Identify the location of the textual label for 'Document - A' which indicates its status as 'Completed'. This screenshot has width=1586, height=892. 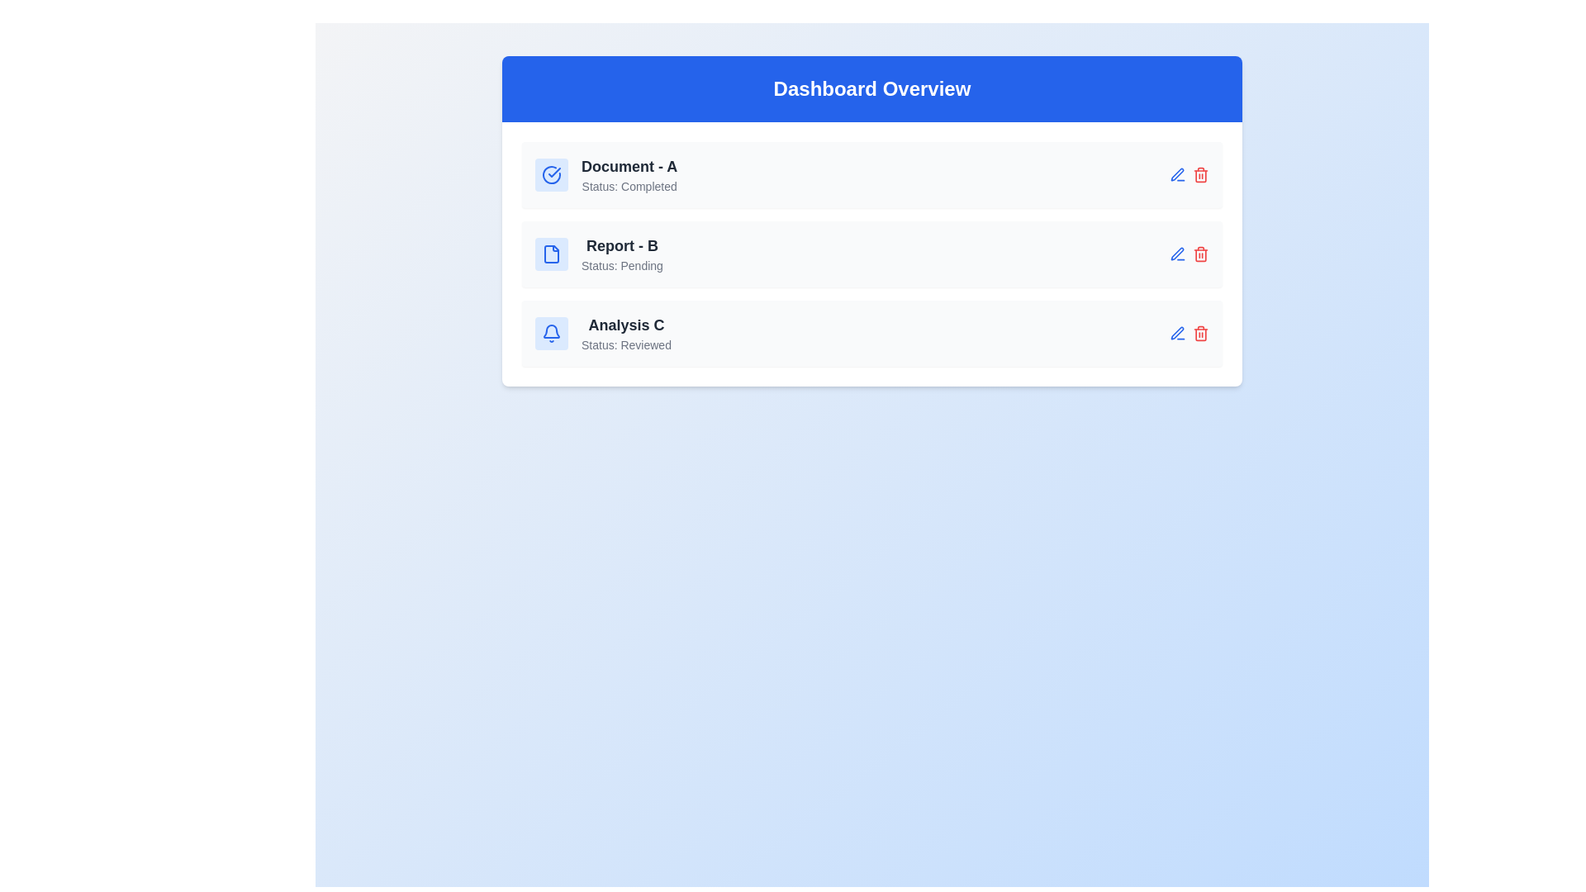
(629, 175).